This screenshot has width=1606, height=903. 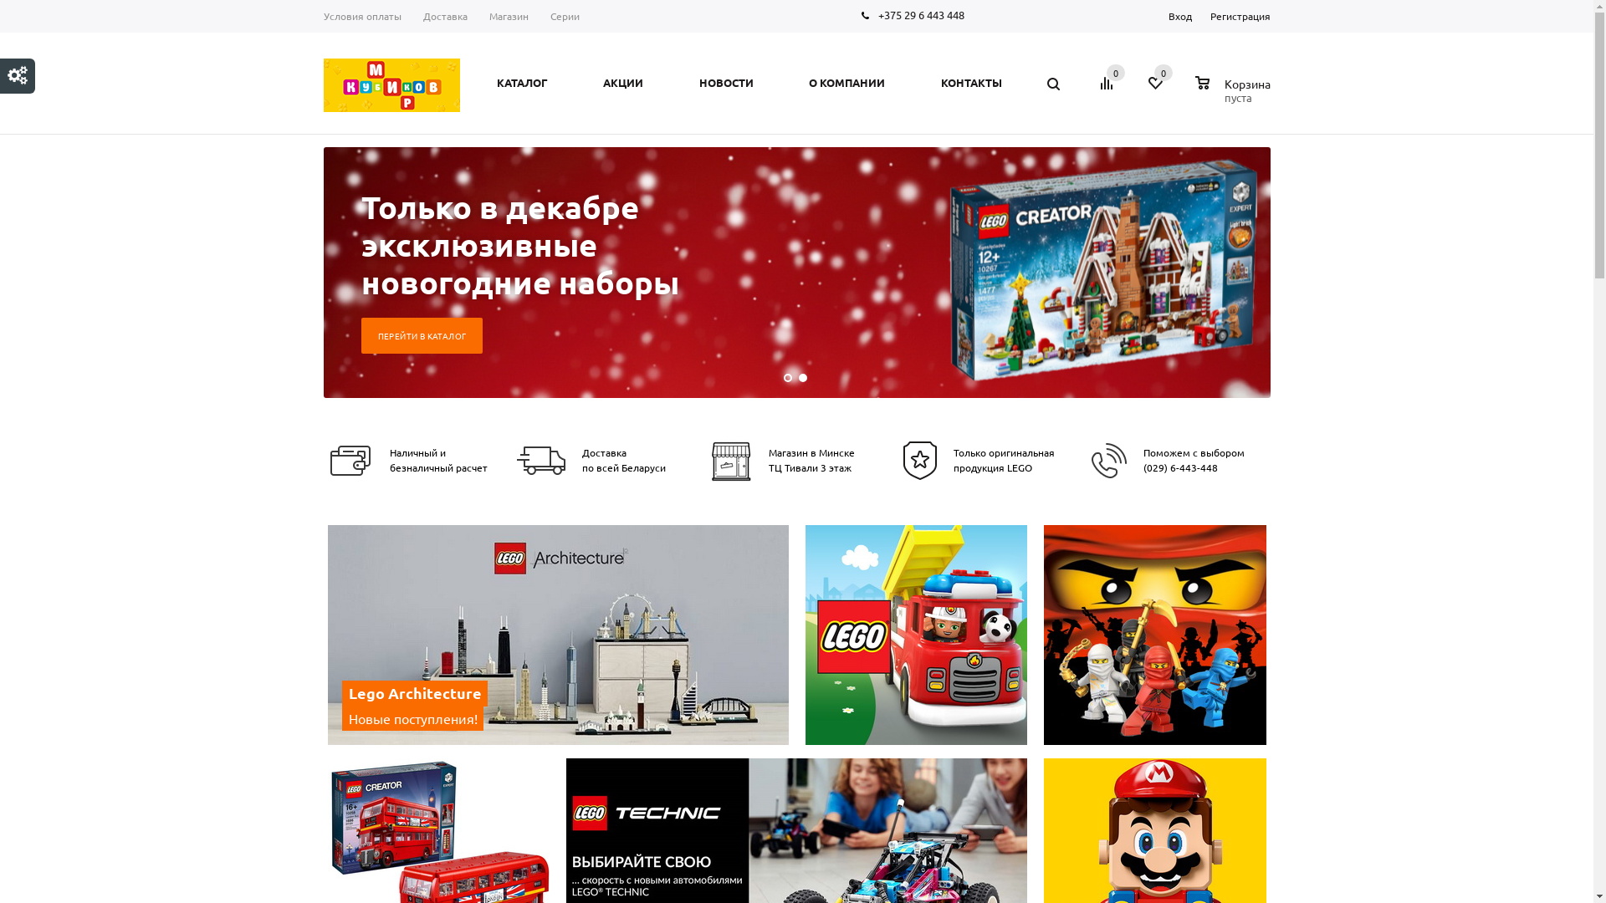 What do you see at coordinates (801, 377) in the screenshot?
I see `'2'` at bounding box center [801, 377].